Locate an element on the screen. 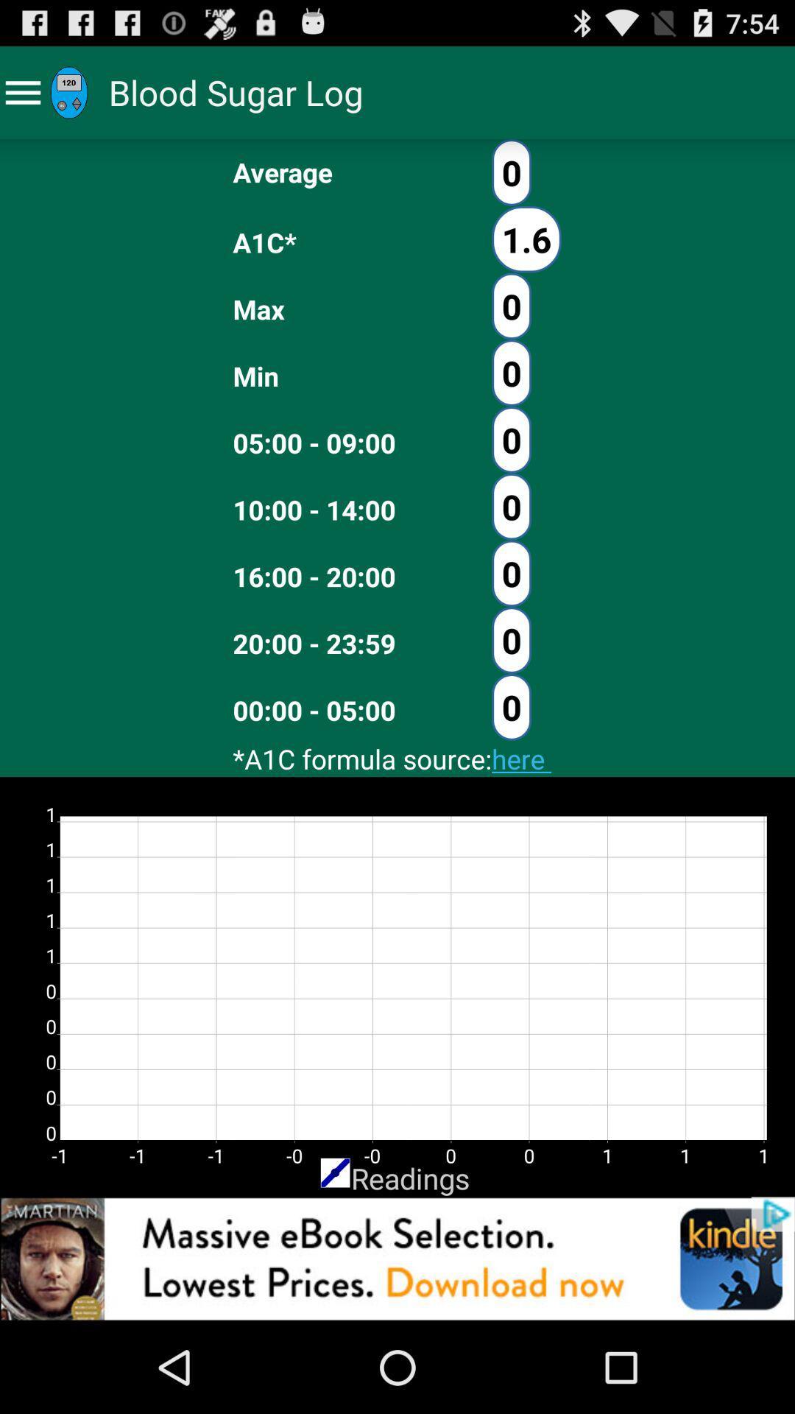 The height and width of the screenshot is (1414, 795). the button which is next to the 0000  0500 is located at coordinates (510, 707).